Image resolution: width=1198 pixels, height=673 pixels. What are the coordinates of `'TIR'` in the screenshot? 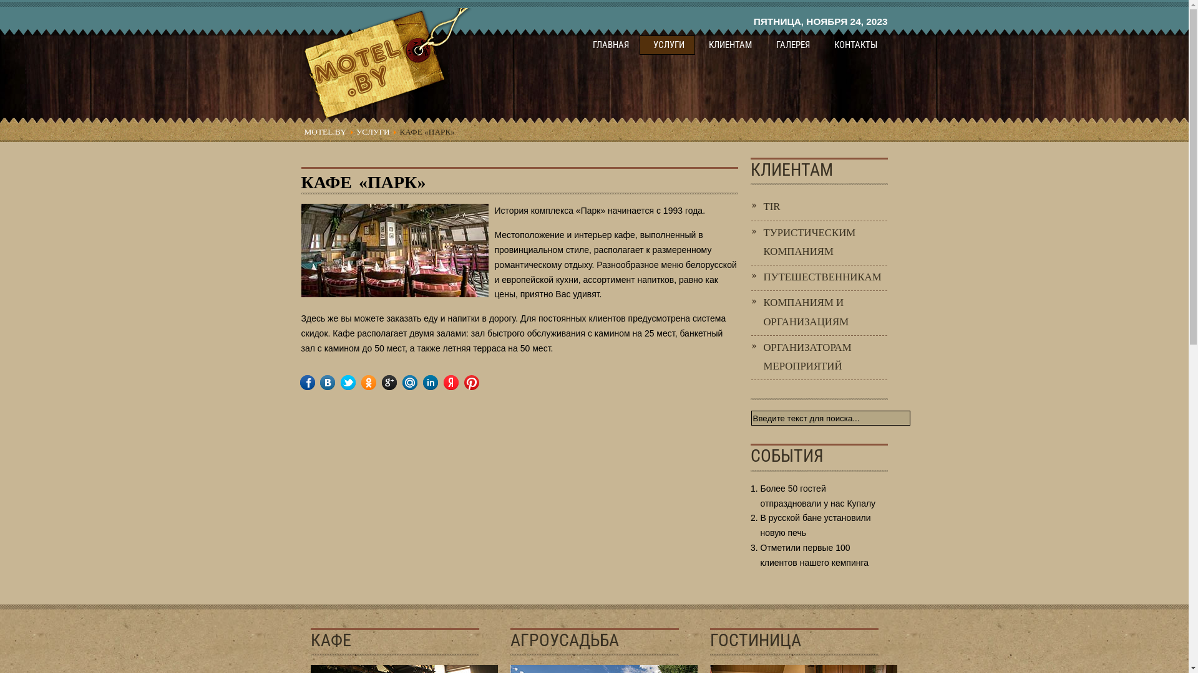 It's located at (819, 206).